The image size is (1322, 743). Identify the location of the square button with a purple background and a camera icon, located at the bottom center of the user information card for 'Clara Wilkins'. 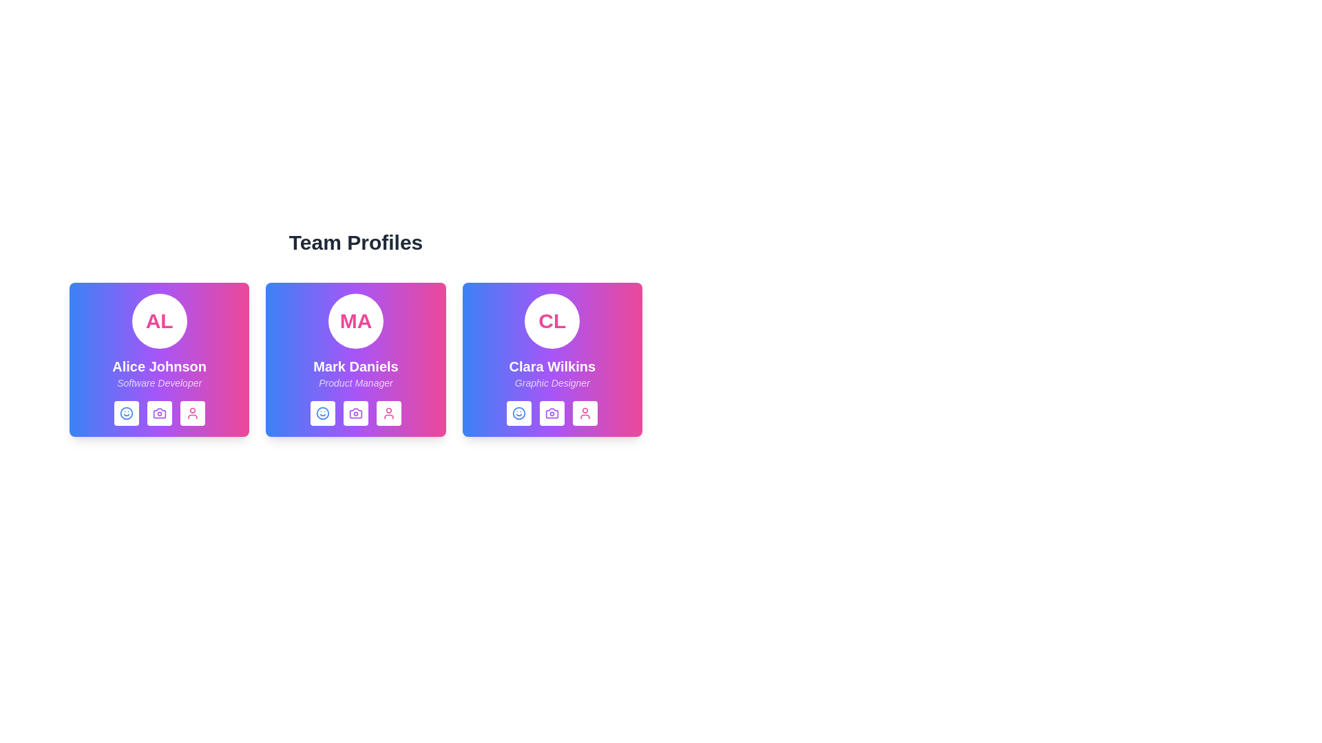
(552, 413).